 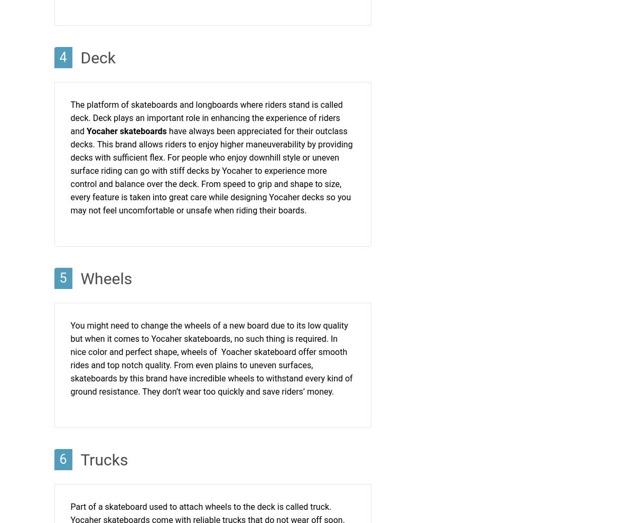 I want to click on 'The platform of skateboards and longboards where riders stand is called deck. Deck plays an important role in enhancing the experience of riders and', so click(x=206, y=117).